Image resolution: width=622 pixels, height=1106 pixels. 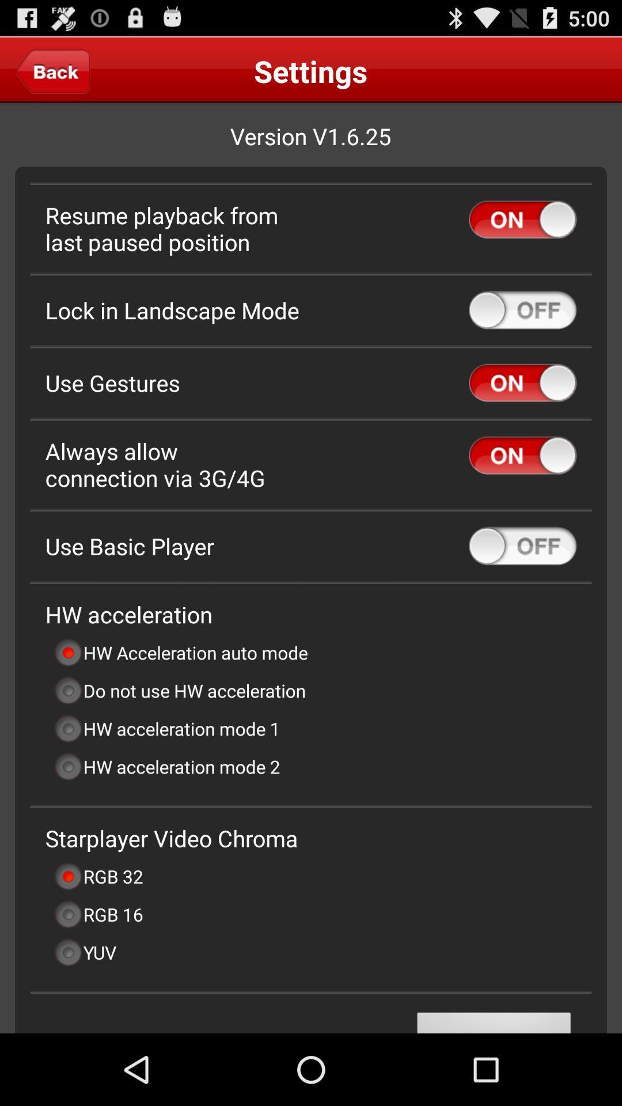 I want to click on item above the yuv radio button, so click(x=97, y=914).